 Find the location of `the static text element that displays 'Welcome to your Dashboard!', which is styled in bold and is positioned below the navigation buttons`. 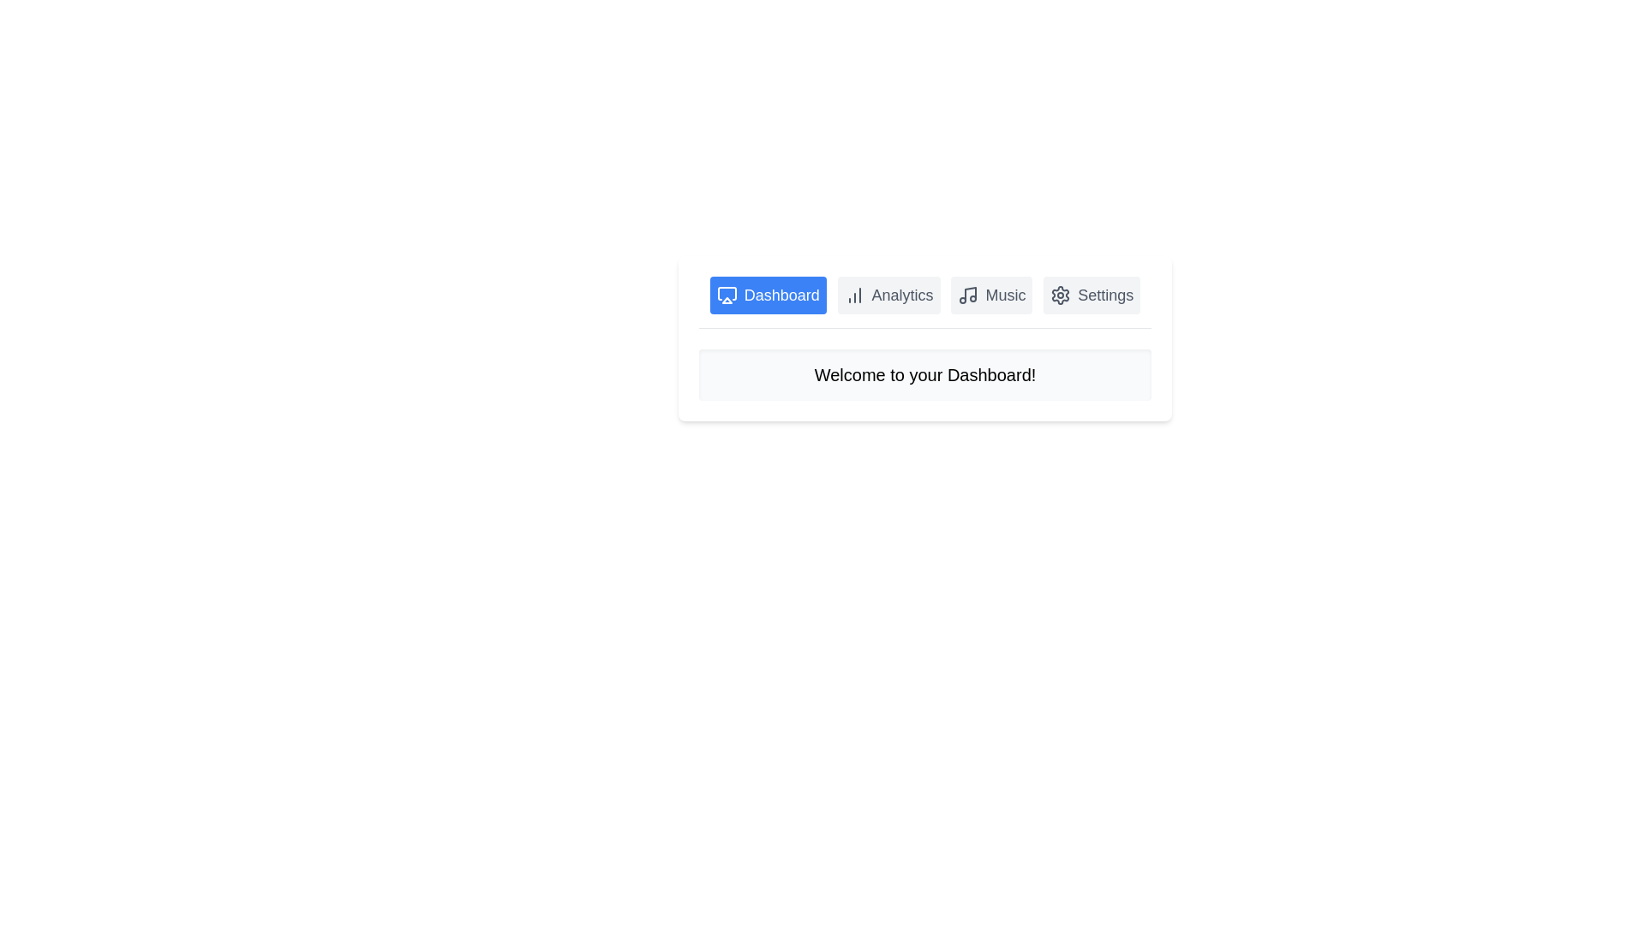

the static text element that displays 'Welcome to your Dashboard!', which is styled in bold and is positioned below the navigation buttons is located at coordinates (924, 374).